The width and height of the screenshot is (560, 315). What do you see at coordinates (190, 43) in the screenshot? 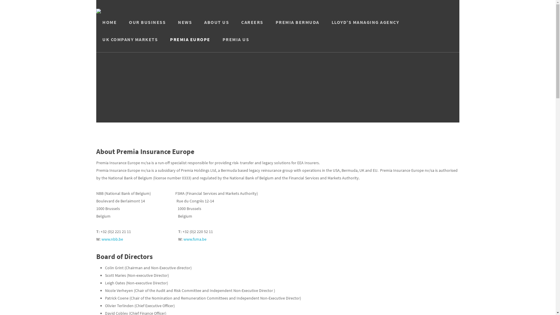
I see `'PREMIA EUROPE'` at bounding box center [190, 43].